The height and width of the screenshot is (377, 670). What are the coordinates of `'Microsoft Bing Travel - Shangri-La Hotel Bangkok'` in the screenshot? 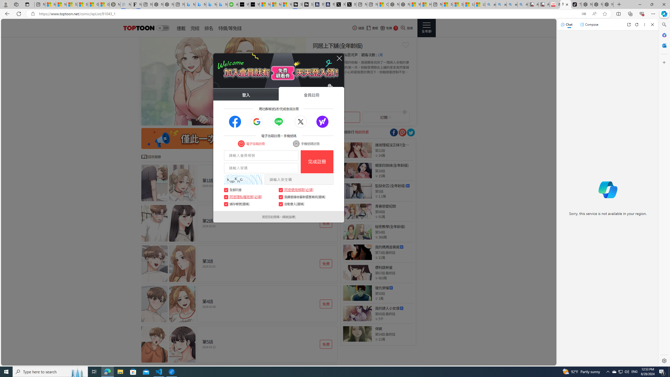 It's located at (222, 4).